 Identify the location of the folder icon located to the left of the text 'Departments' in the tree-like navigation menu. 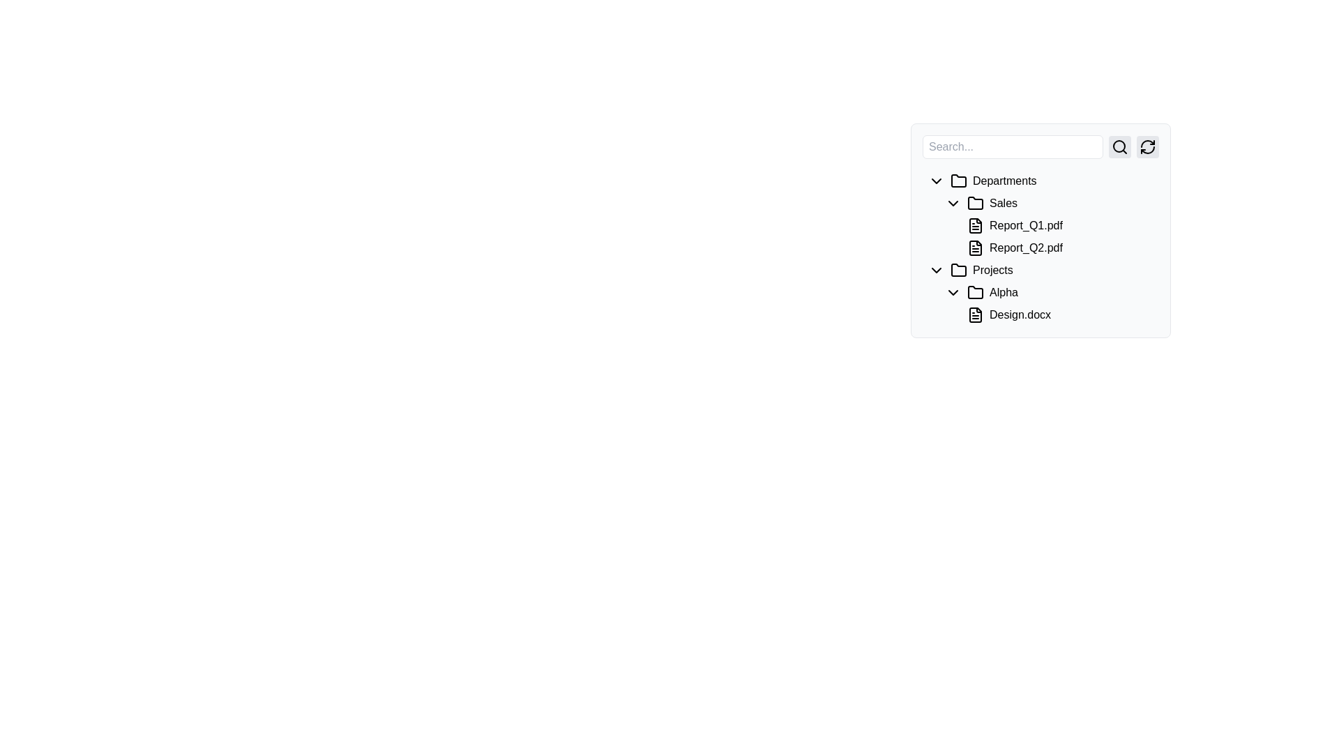
(960, 180).